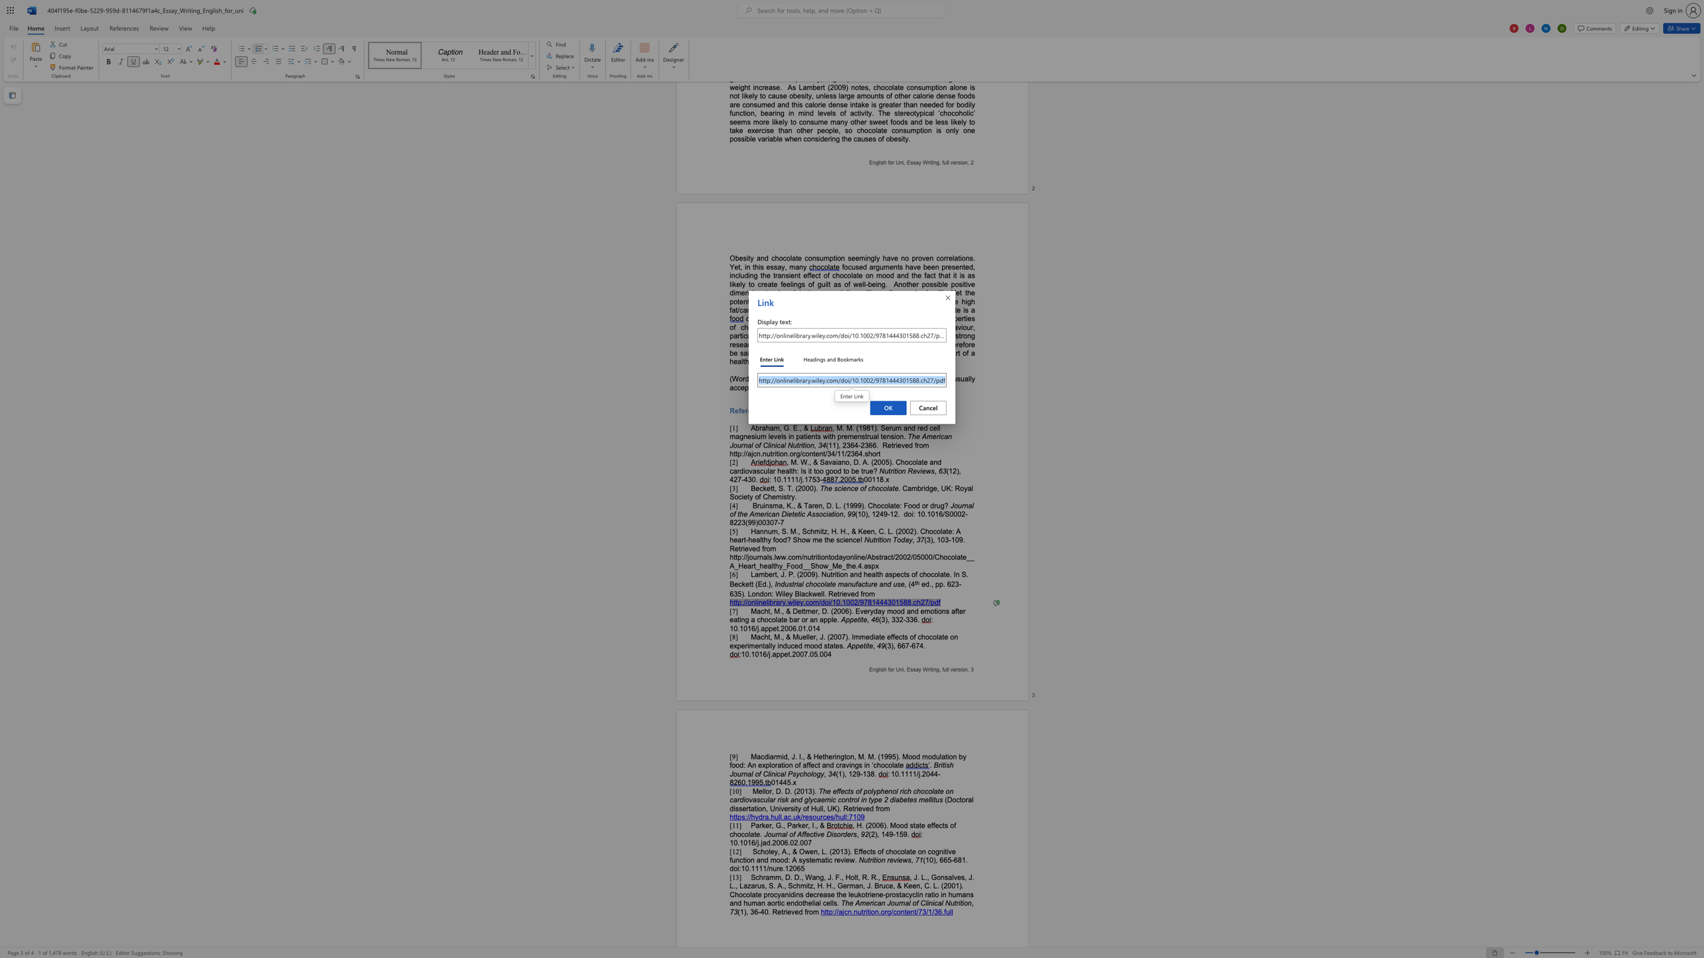 This screenshot has width=1704, height=958. Describe the element at coordinates (947, 765) in the screenshot. I see `the 1th character "s" in the text` at that location.